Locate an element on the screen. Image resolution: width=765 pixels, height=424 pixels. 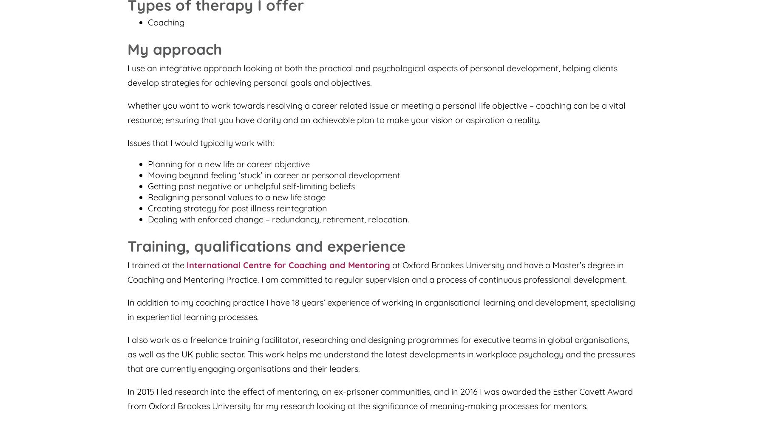
'Dealing with enforced change – redundancy, retirement, relocation.' is located at coordinates (278, 219).